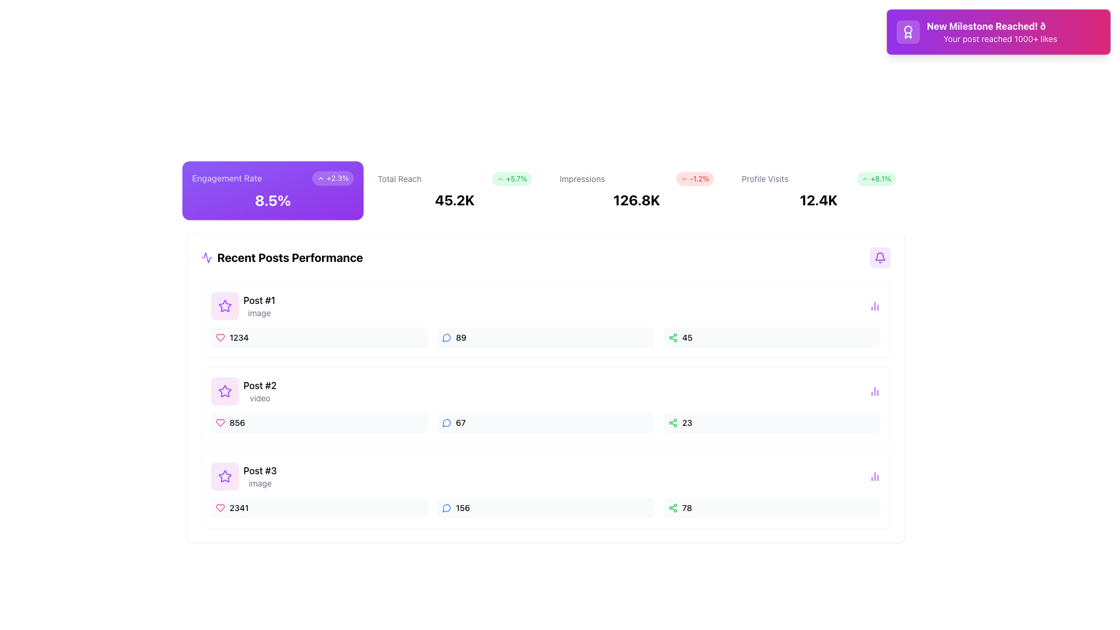  Describe the element at coordinates (446, 337) in the screenshot. I see `the comment icon located to the left of the text '89', which represents comment-related statistics` at that location.